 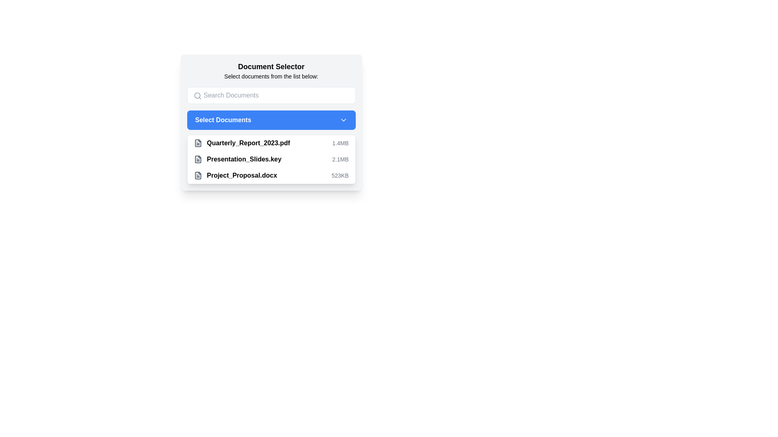 What do you see at coordinates (248, 143) in the screenshot?
I see `the text label displaying the document name, which is located immediately to the right of a small file icon in the Document Selector modal` at bounding box center [248, 143].